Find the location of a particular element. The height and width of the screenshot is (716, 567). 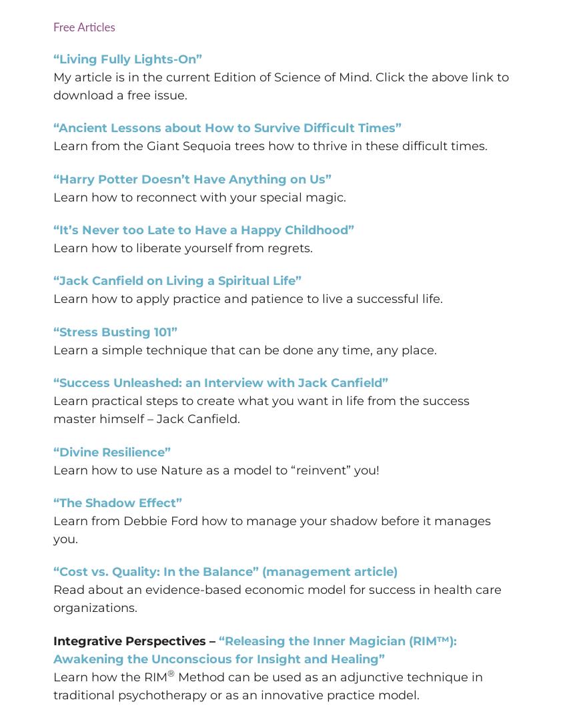

'Learn from the Giant Sequoia trees how to thrive in these difficult times.' is located at coordinates (270, 145).